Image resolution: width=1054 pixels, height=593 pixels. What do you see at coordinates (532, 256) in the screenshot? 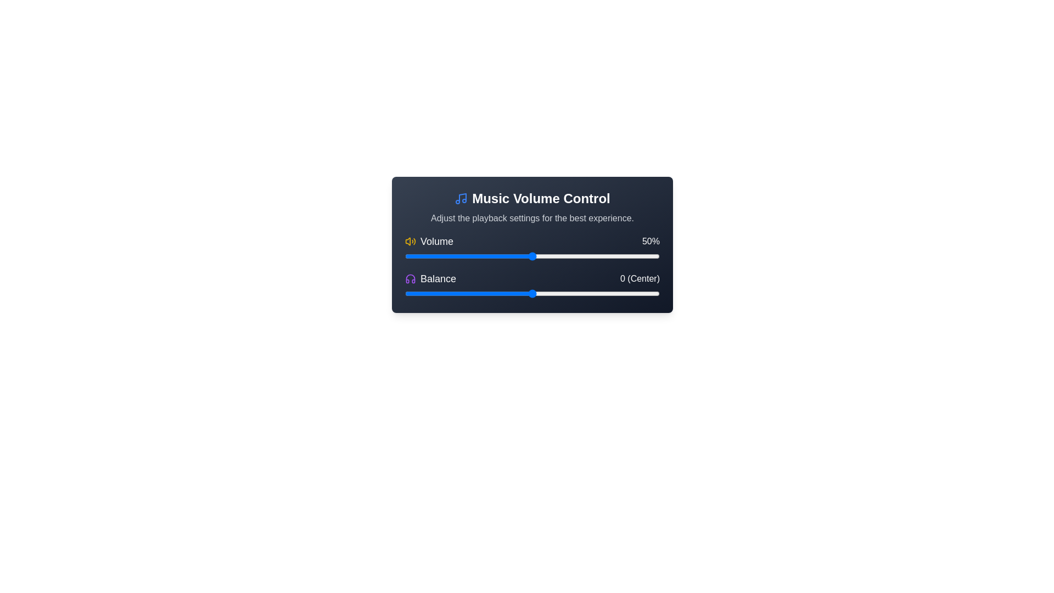
I see `the volume slider to set the volume to 50%` at bounding box center [532, 256].